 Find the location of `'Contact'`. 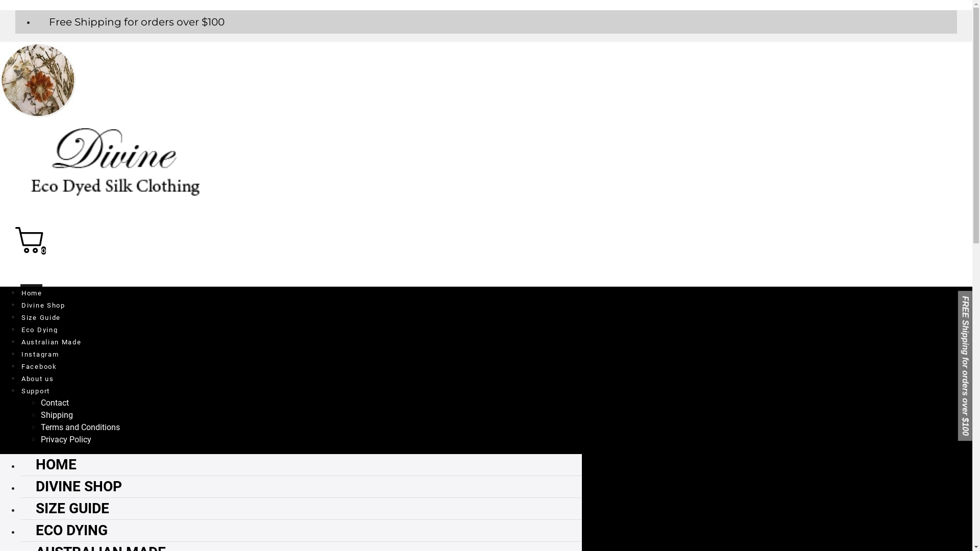

'Contact' is located at coordinates (54, 402).